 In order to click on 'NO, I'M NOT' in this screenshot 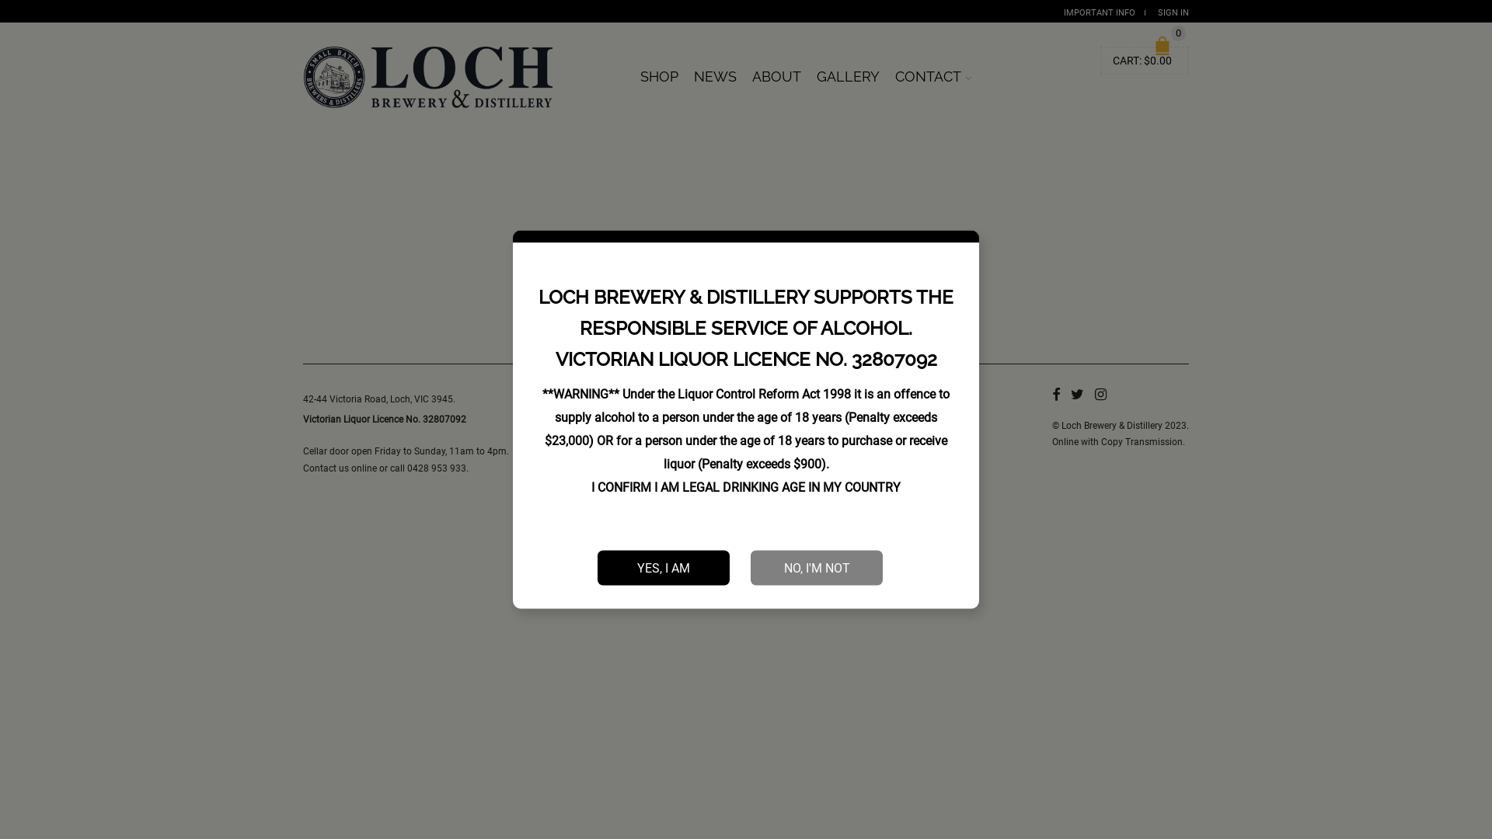, I will do `click(816, 567)`.